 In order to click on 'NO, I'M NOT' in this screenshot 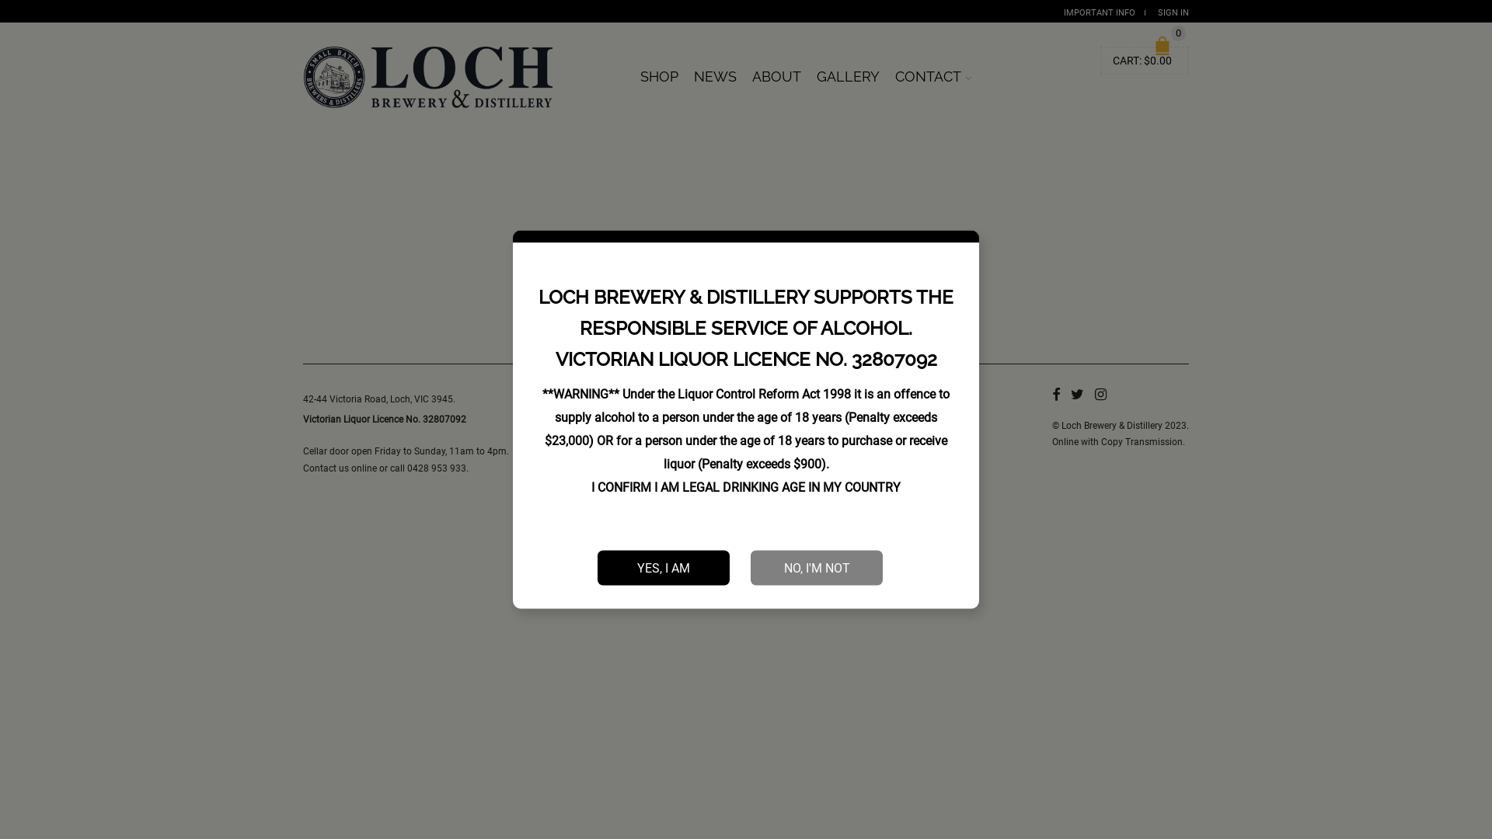, I will do `click(816, 567)`.